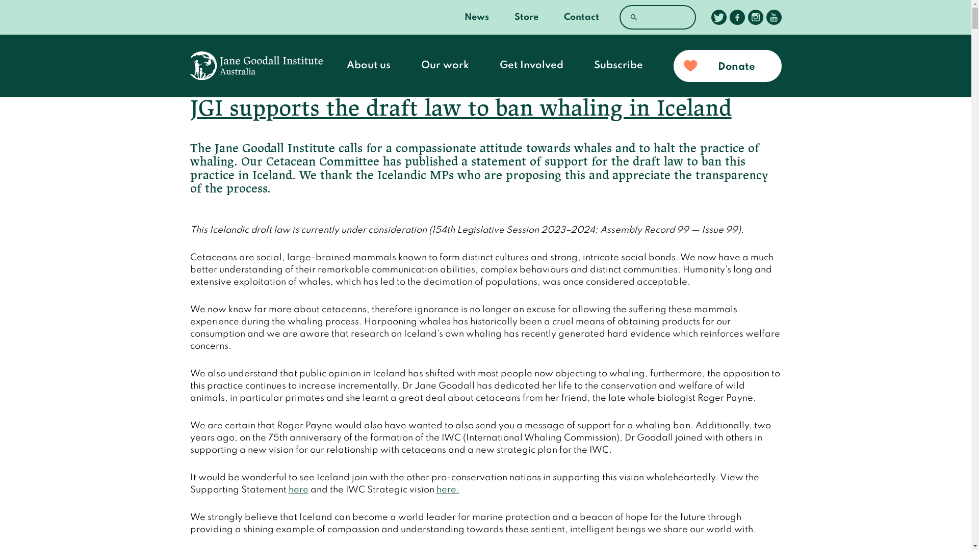  Describe the element at coordinates (368, 65) in the screenshot. I see `'About us'` at that location.